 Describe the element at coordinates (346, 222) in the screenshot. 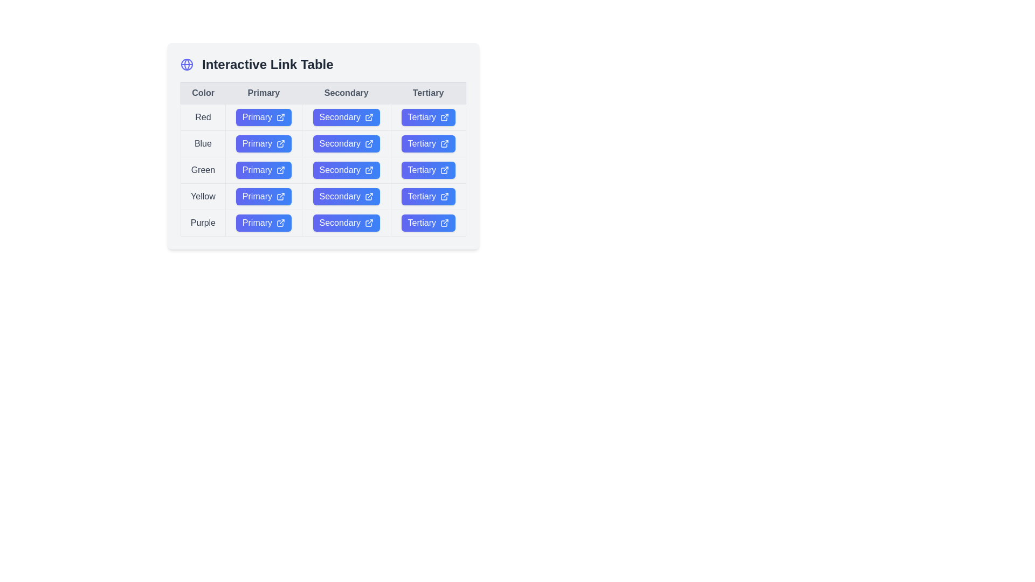

I see `the 'Secondary' button in the 'Purple' row of the 'Interactive Link Table'` at that location.